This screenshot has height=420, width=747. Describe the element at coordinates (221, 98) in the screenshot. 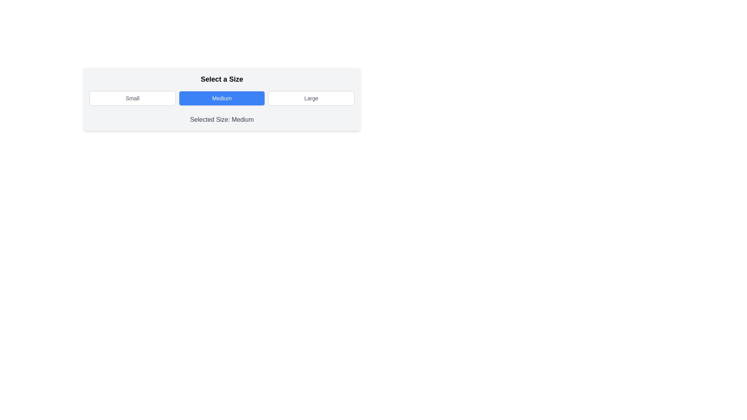

I see `the 'Medium' button in the size selection panel` at that location.